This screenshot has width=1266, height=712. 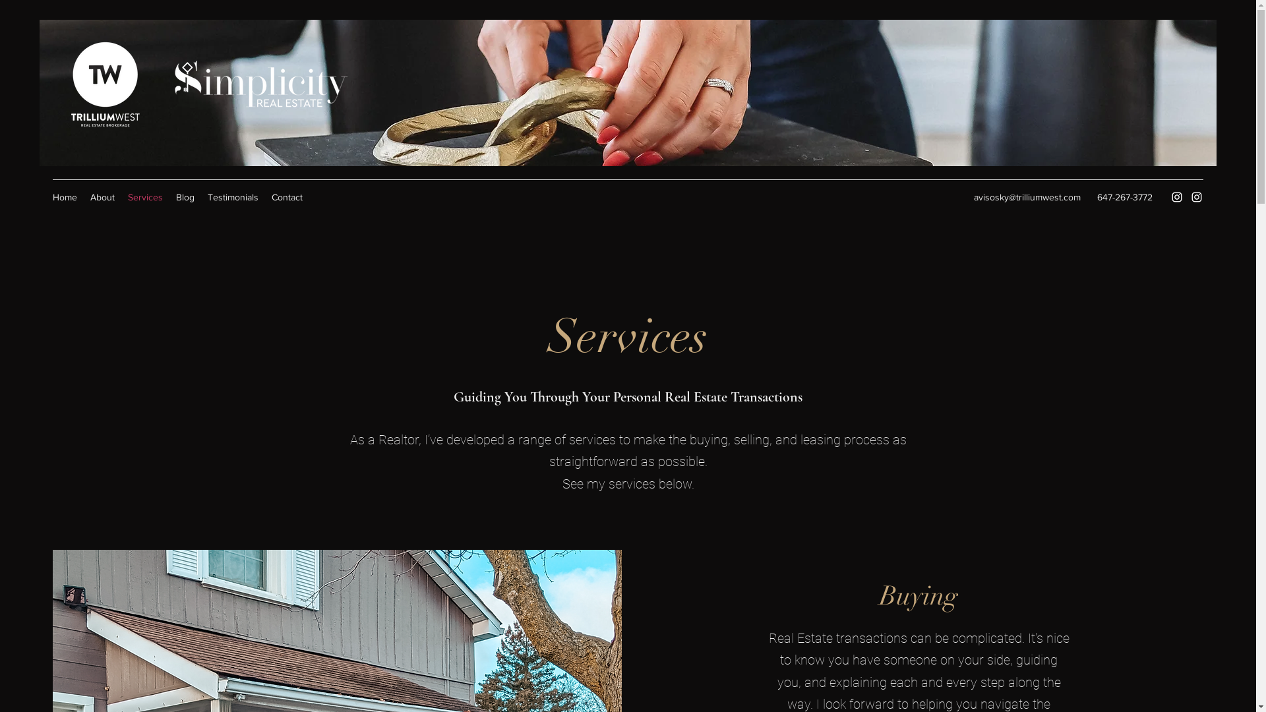 I want to click on 'Home', so click(x=64, y=197).